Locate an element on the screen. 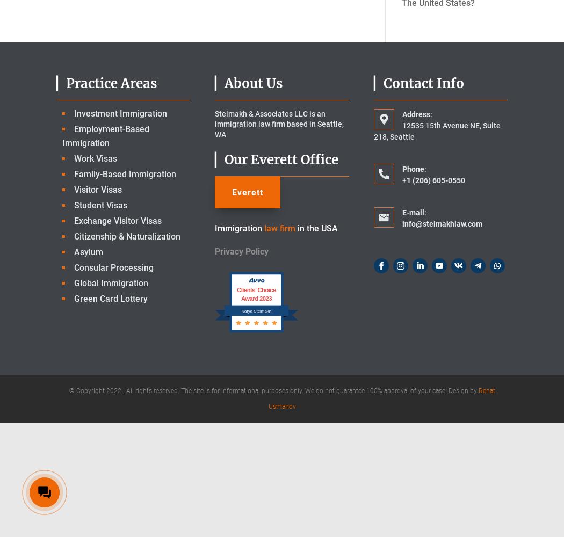  'Consular Processing' is located at coordinates (113, 266).